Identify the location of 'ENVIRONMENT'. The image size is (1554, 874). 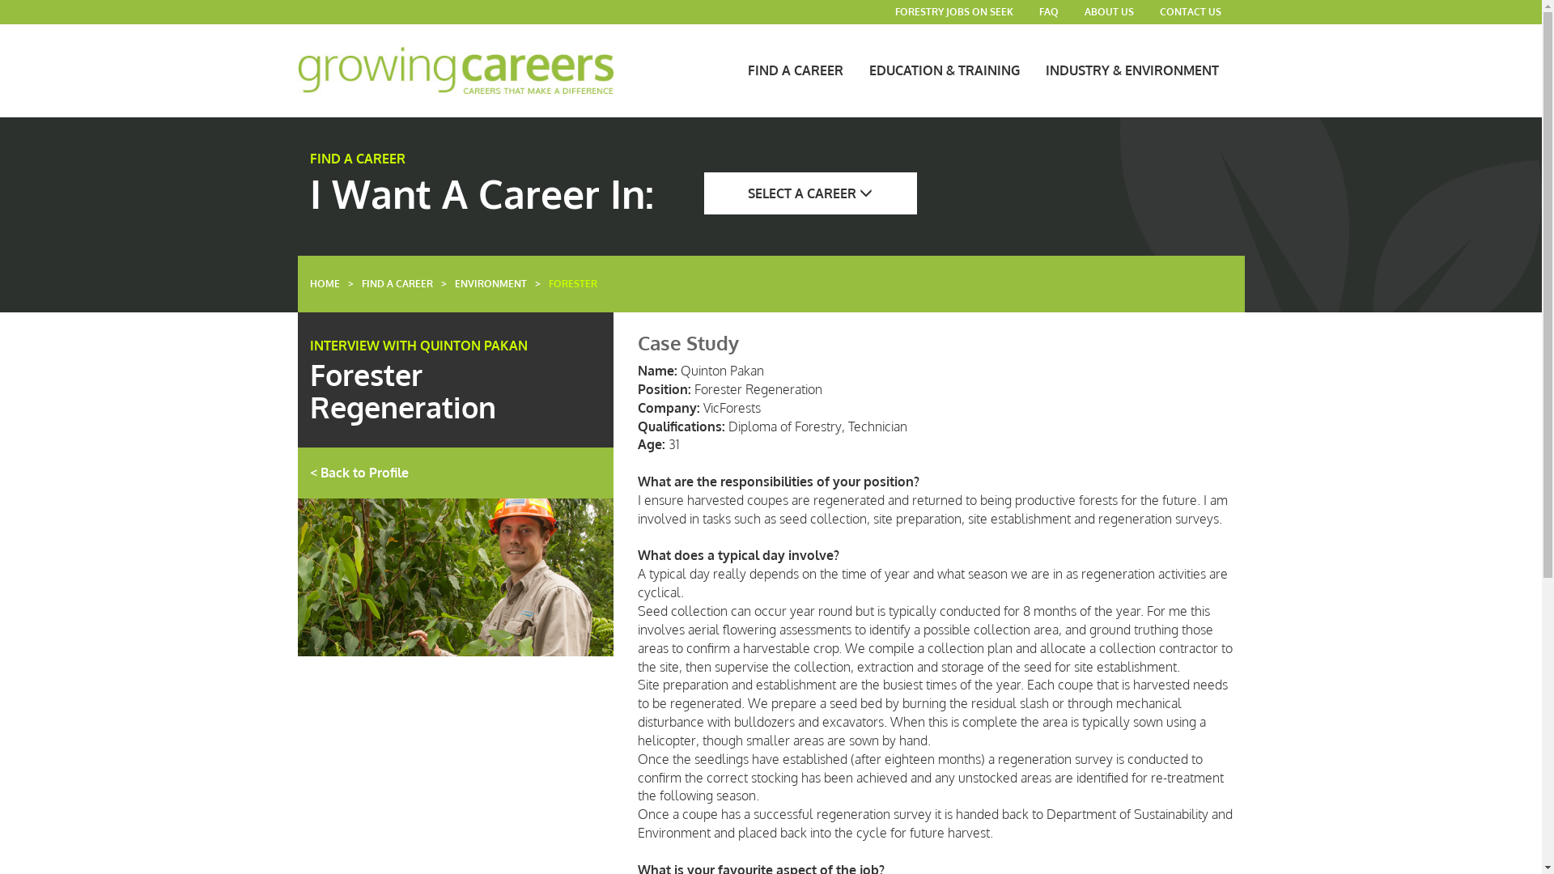
(494, 283).